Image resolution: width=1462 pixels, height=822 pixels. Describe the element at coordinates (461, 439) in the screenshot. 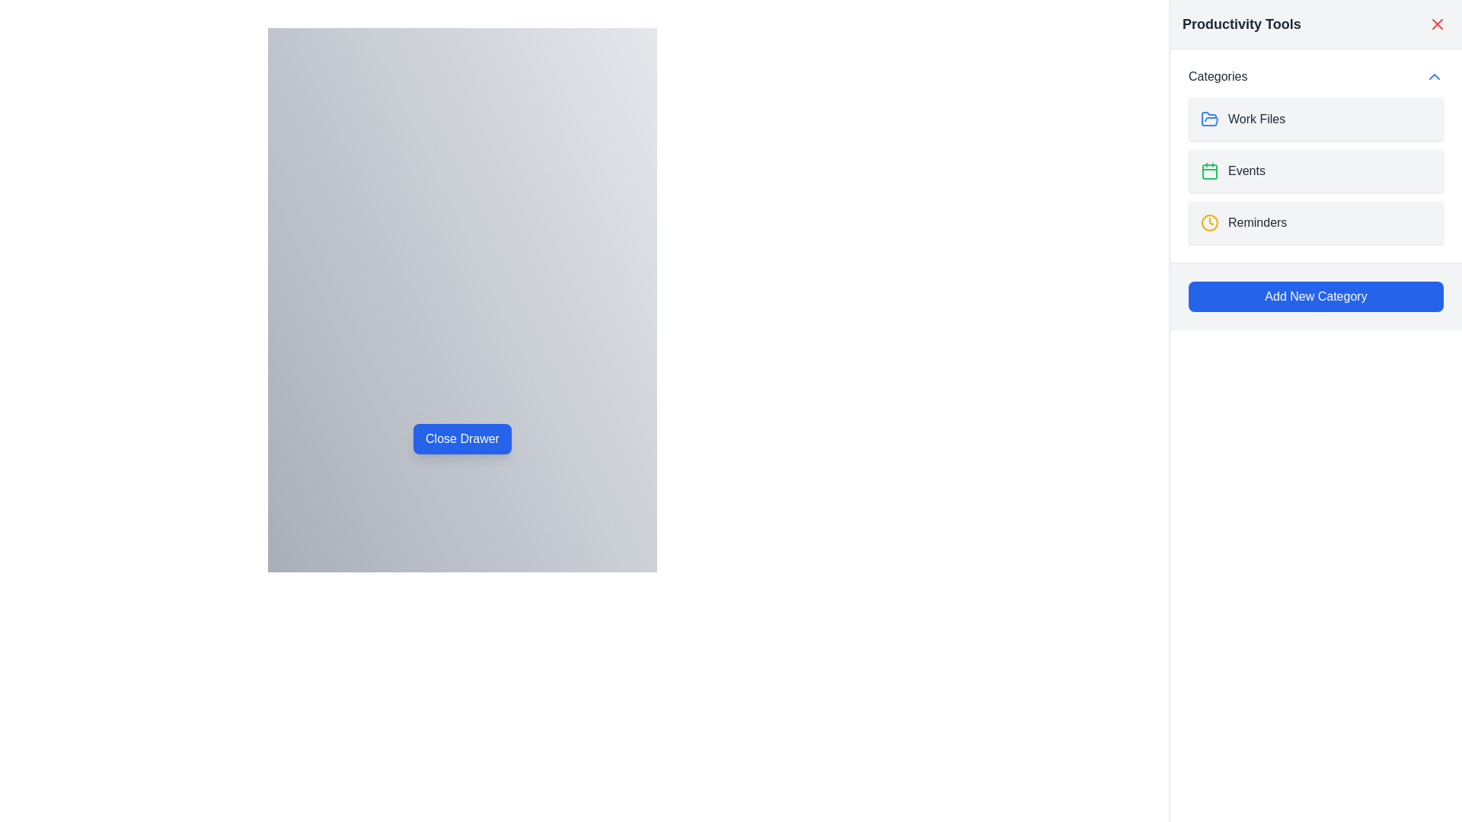

I see `the 'Close Drawer' button with a blue background and white text to observe the hover-state effect` at that location.